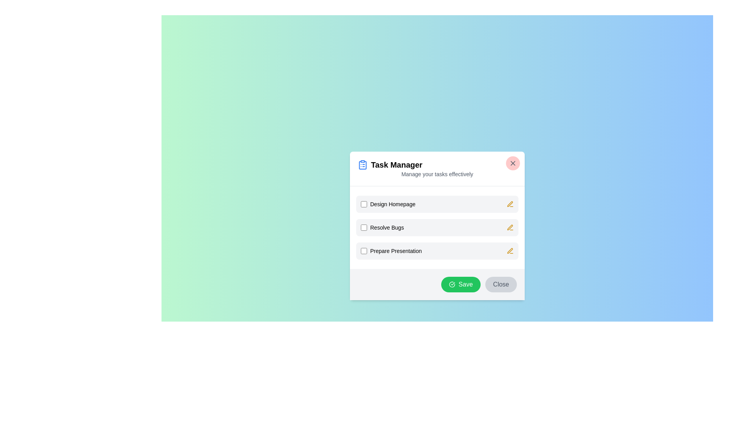  I want to click on the close button located at the top-right corner of the task management panel, so click(513, 162).